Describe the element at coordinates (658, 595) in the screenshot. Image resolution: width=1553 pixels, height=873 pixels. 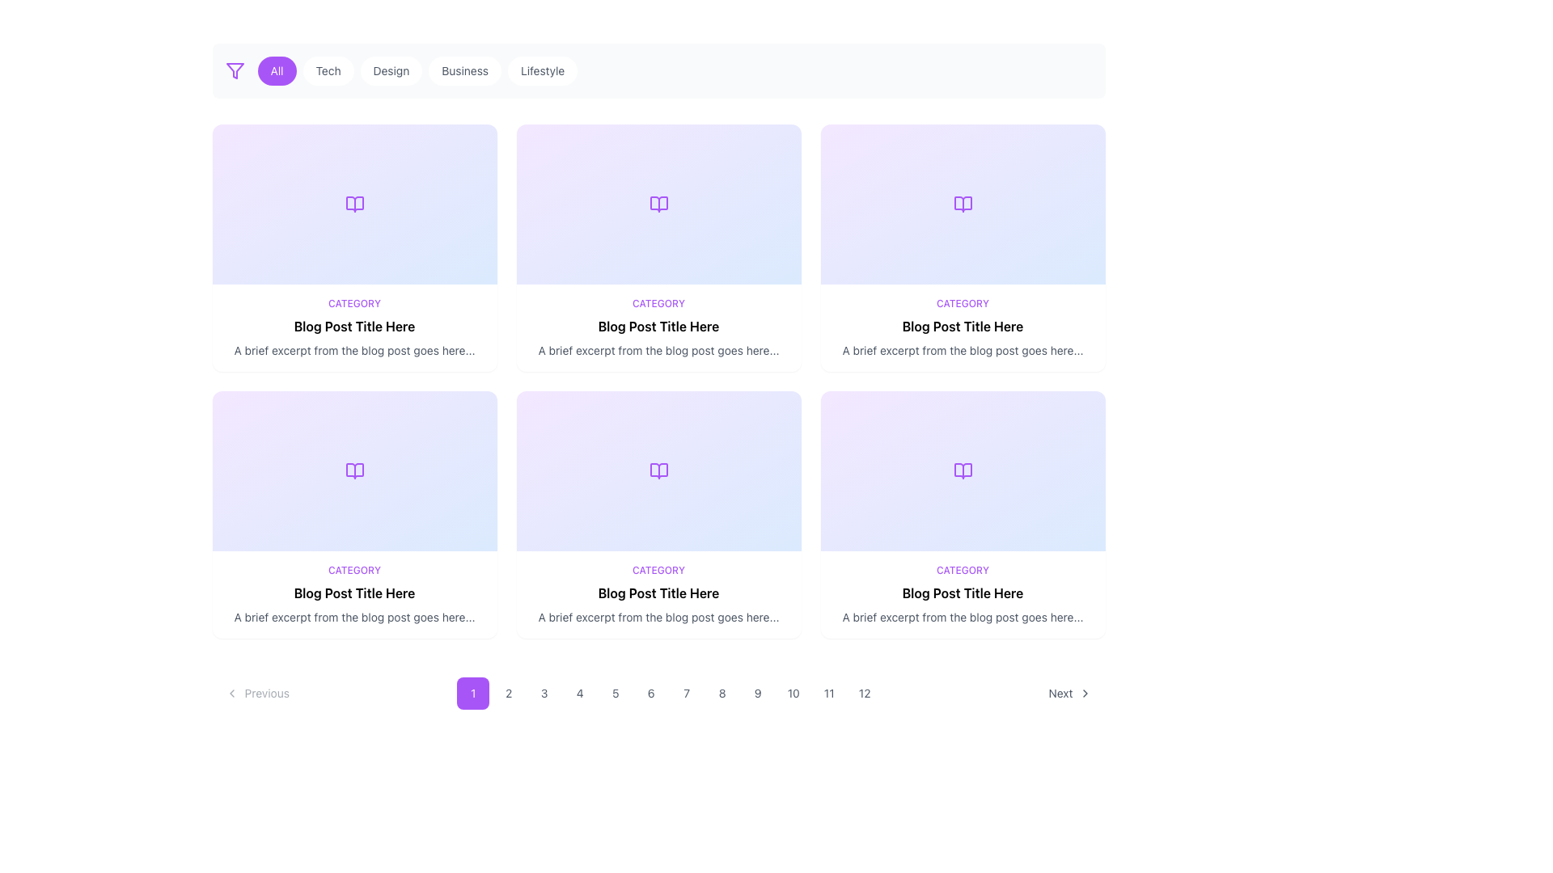
I see `the blog post preview card located in the second row and third column of the grid layout` at that location.